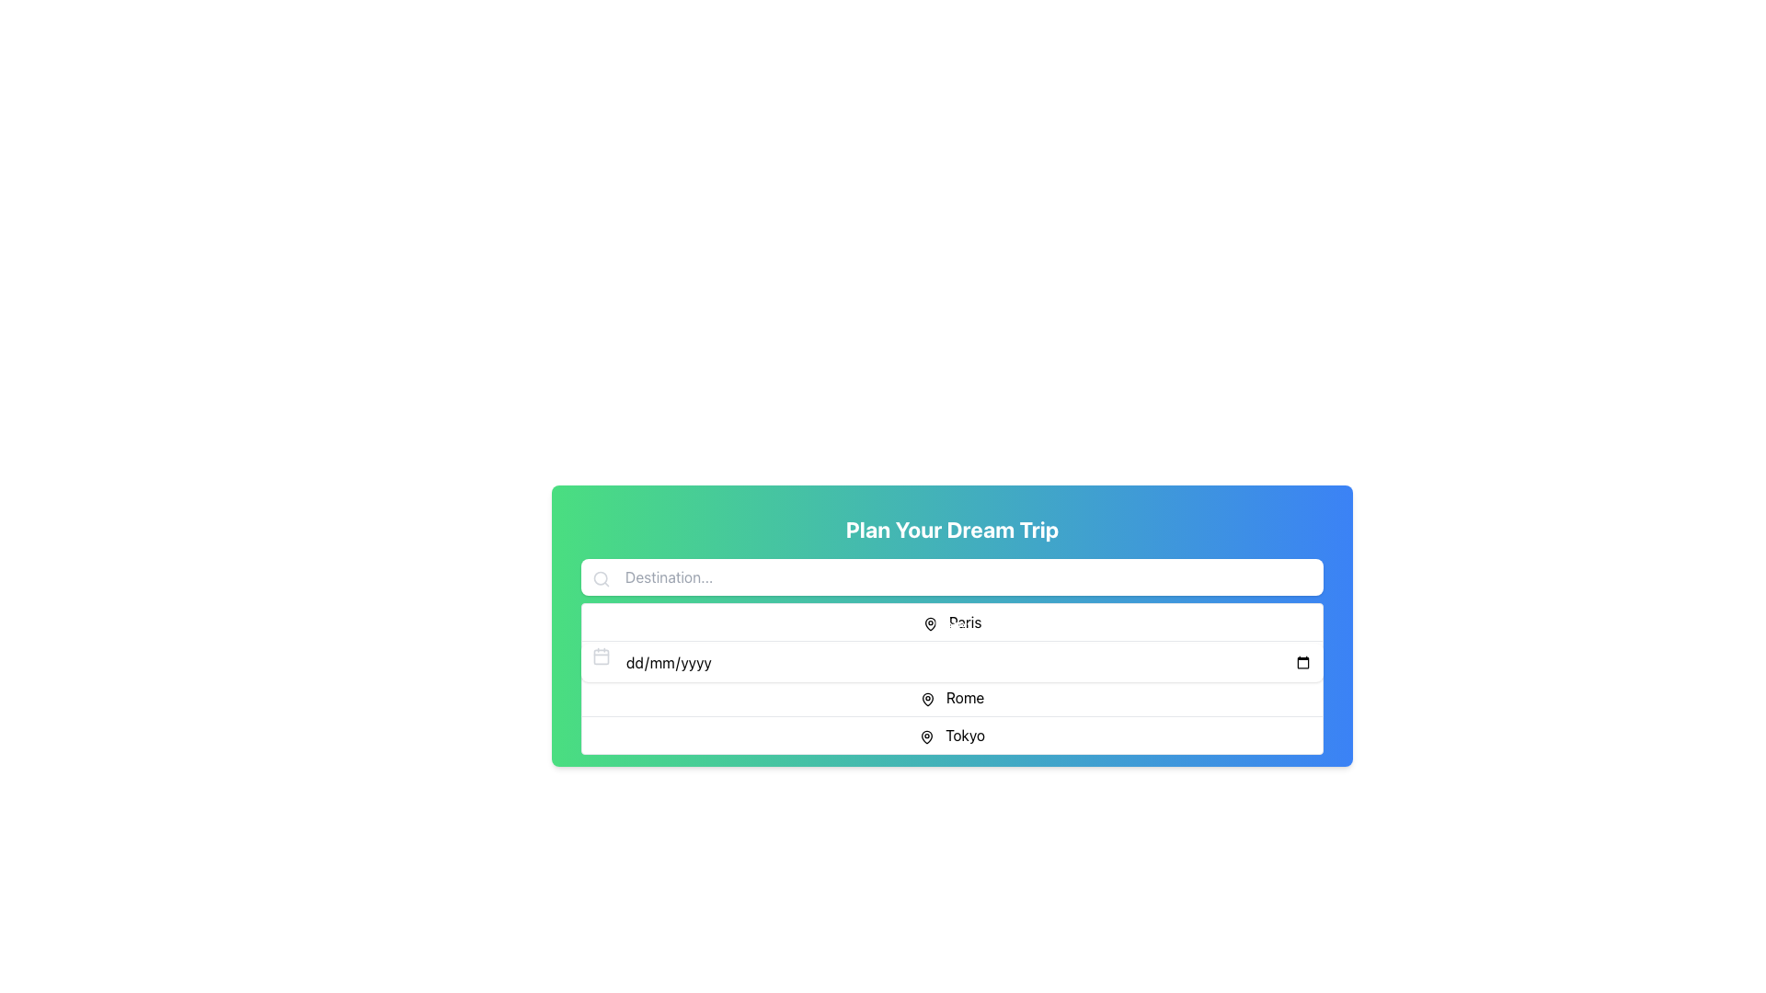 Image resolution: width=1766 pixels, height=993 pixels. What do you see at coordinates (952, 734) in the screenshot?
I see `the selectable list item labeled 'Tokyo' with a locator icon preceding it, which is the fourth item in the dropdown menu` at bounding box center [952, 734].